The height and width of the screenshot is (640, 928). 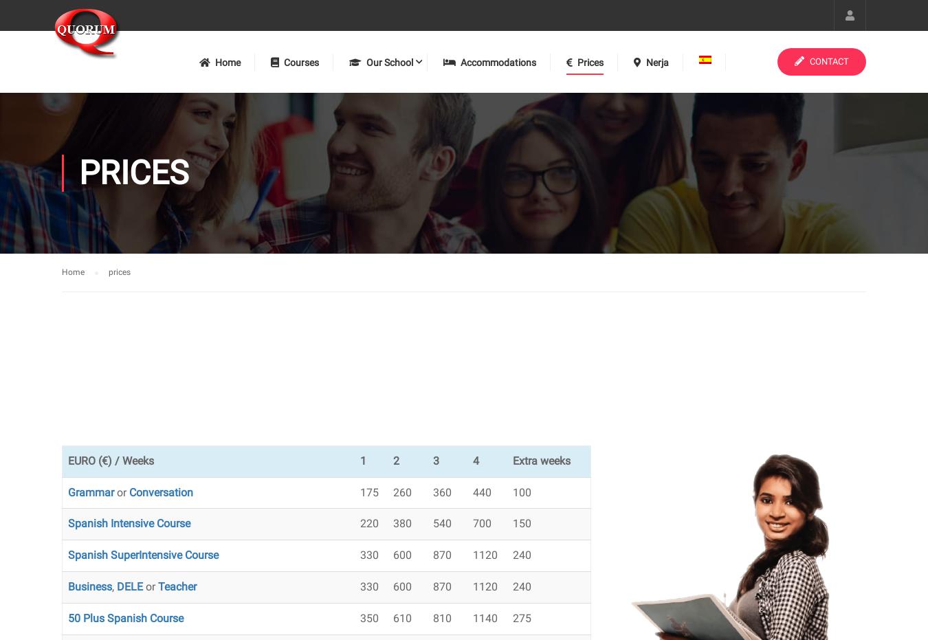 What do you see at coordinates (520, 491) in the screenshot?
I see `'100'` at bounding box center [520, 491].